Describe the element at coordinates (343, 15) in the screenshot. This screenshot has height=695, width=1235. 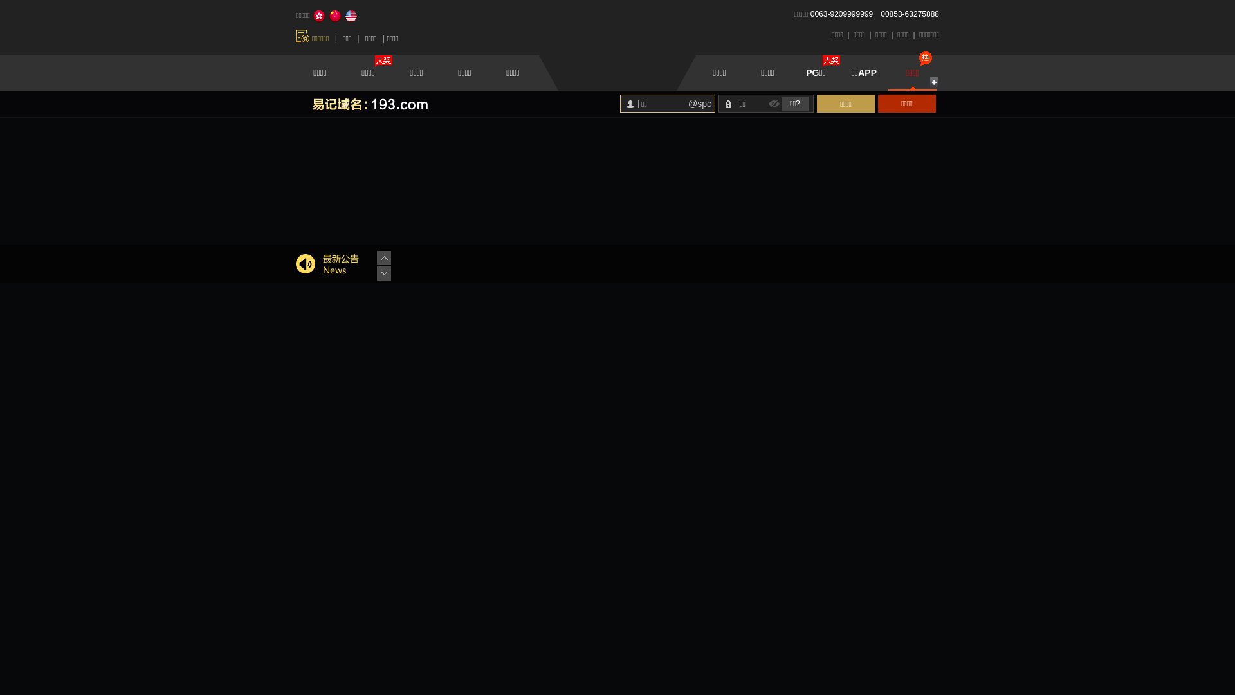
I see `'English'` at that location.